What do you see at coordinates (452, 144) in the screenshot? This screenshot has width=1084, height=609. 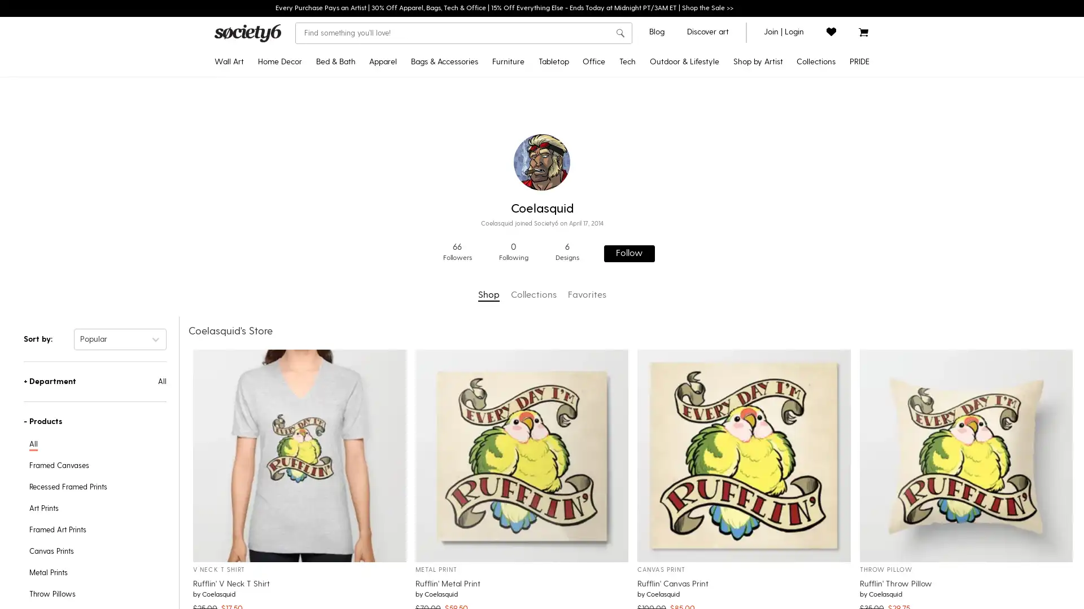 I see `Duffle Bags` at bounding box center [452, 144].